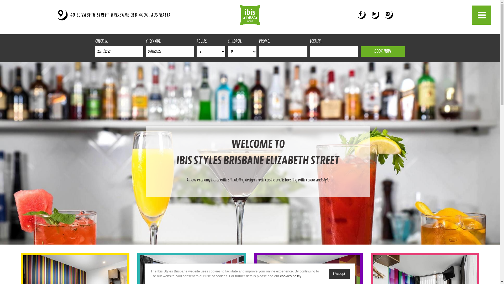 The image size is (504, 284). What do you see at coordinates (384, 15) in the screenshot?
I see `'insta image'` at bounding box center [384, 15].